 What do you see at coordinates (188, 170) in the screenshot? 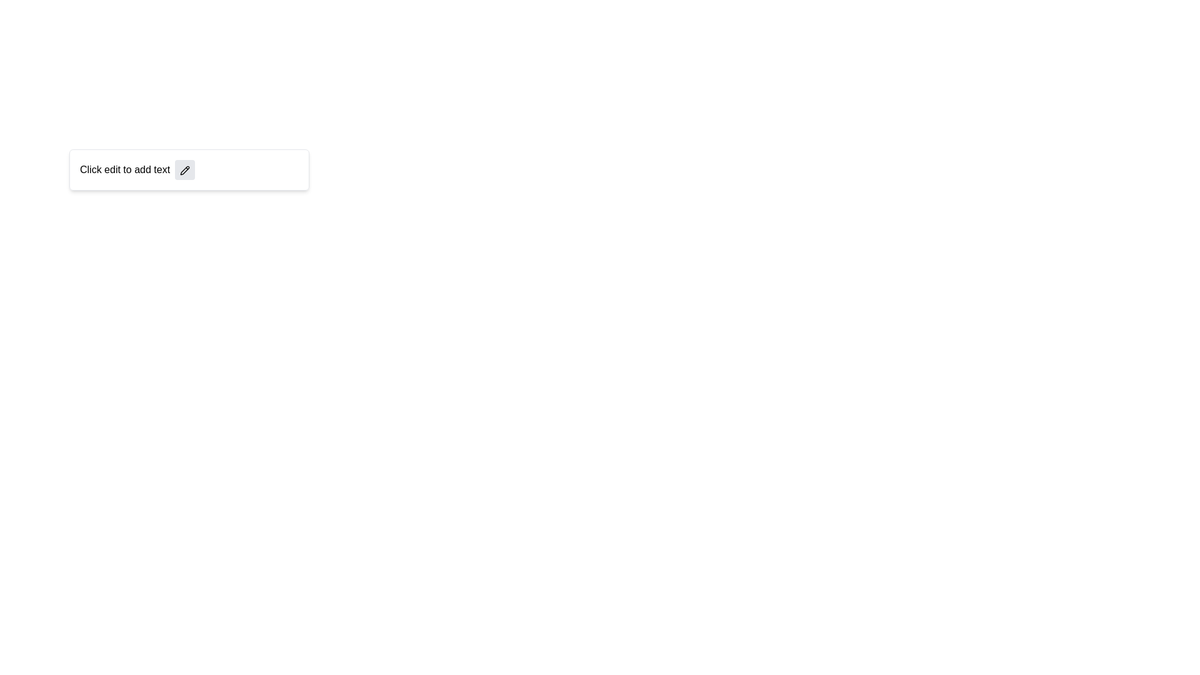
I see `the pencil icon located within the editable field prompt to begin editing its contents` at bounding box center [188, 170].